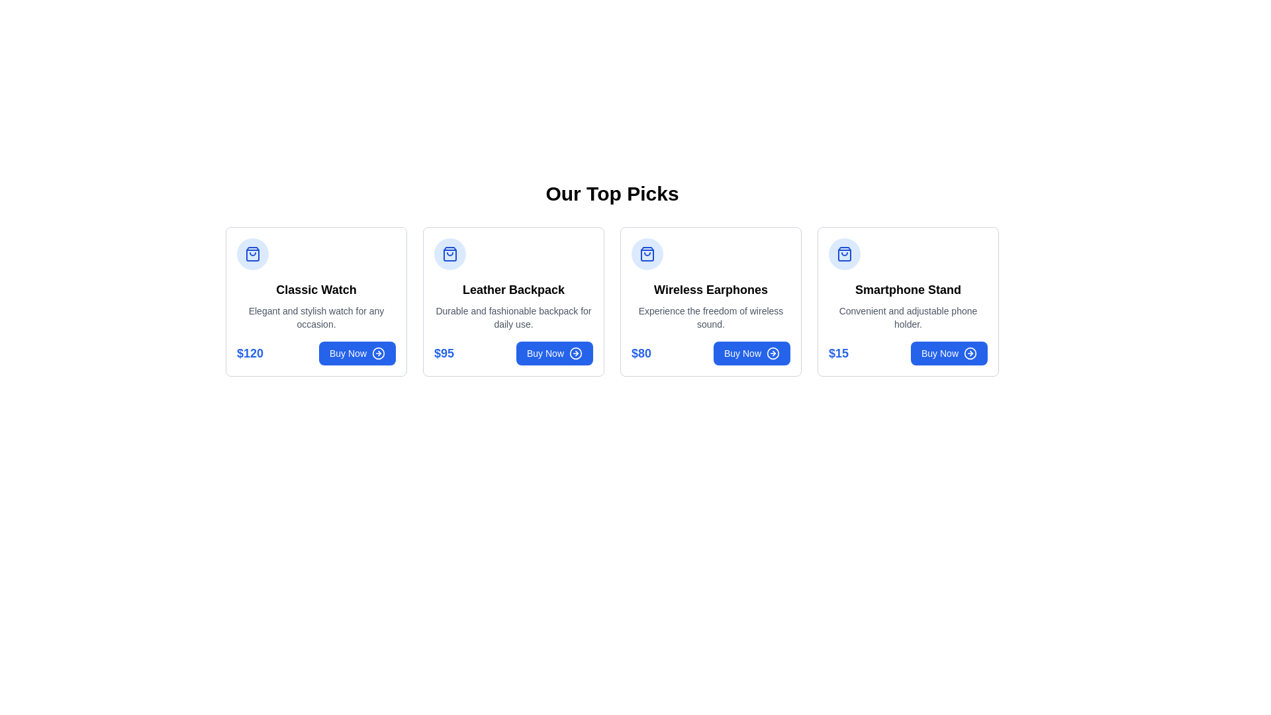 Image resolution: width=1271 pixels, height=715 pixels. Describe the element at coordinates (253, 254) in the screenshot. I see `the shopping bag icon, which is centrally located inside a circular blue background at the top of the product card titled 'Classic Watch'` at that location.